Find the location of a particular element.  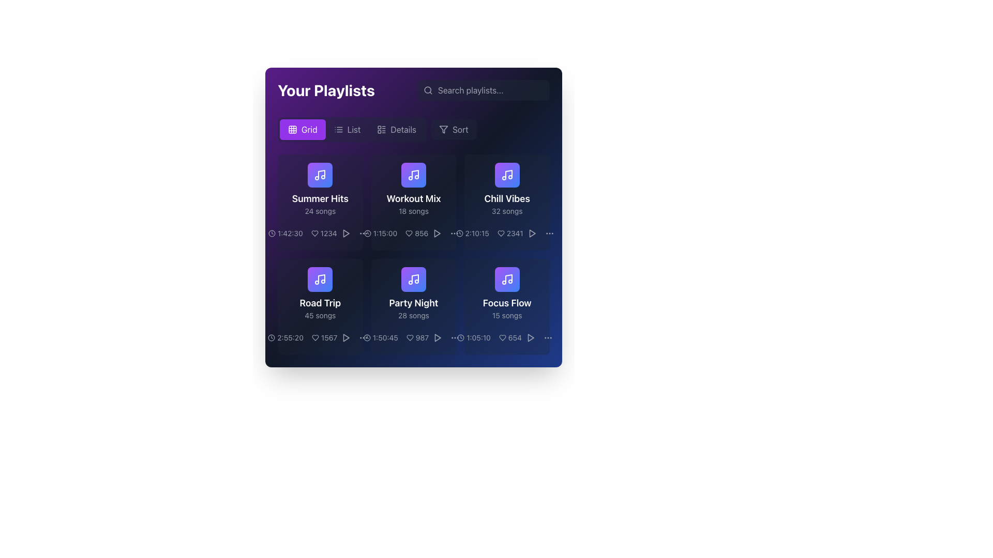

the text label displaying '28 songs' located beneath the title 'Party Night' in the playlist card is located at coordinates (414, 315).